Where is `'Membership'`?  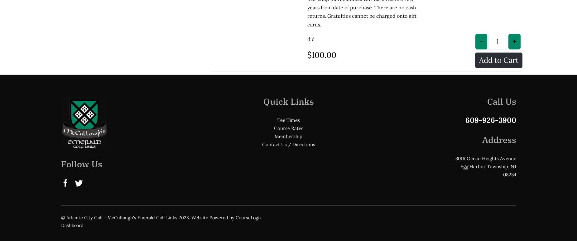
'Membership' is located at coordinates (274, 85).